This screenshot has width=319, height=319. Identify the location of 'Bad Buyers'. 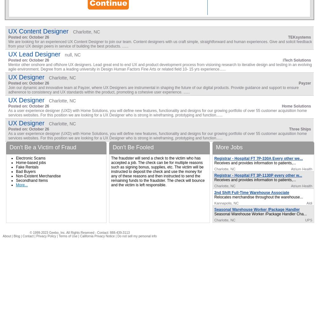
(26, 172).